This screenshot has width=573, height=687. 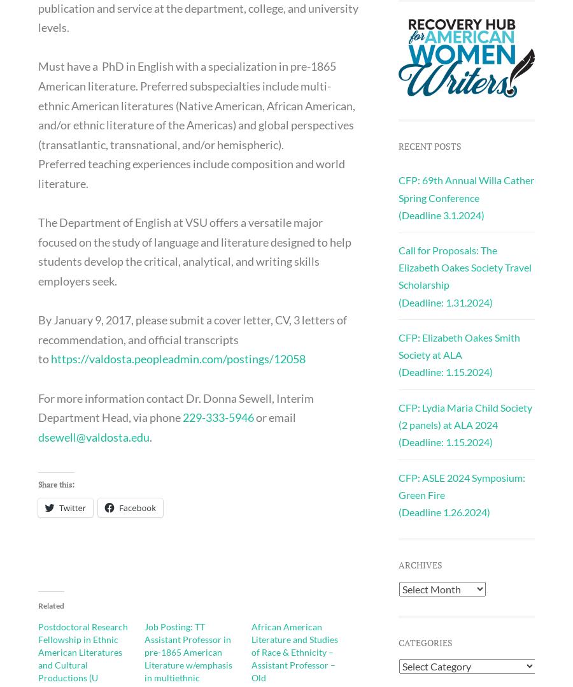 What do you see at coordinates (150, 436) in the screenshot?
I see `'.'` at bounding box center [150, 436].